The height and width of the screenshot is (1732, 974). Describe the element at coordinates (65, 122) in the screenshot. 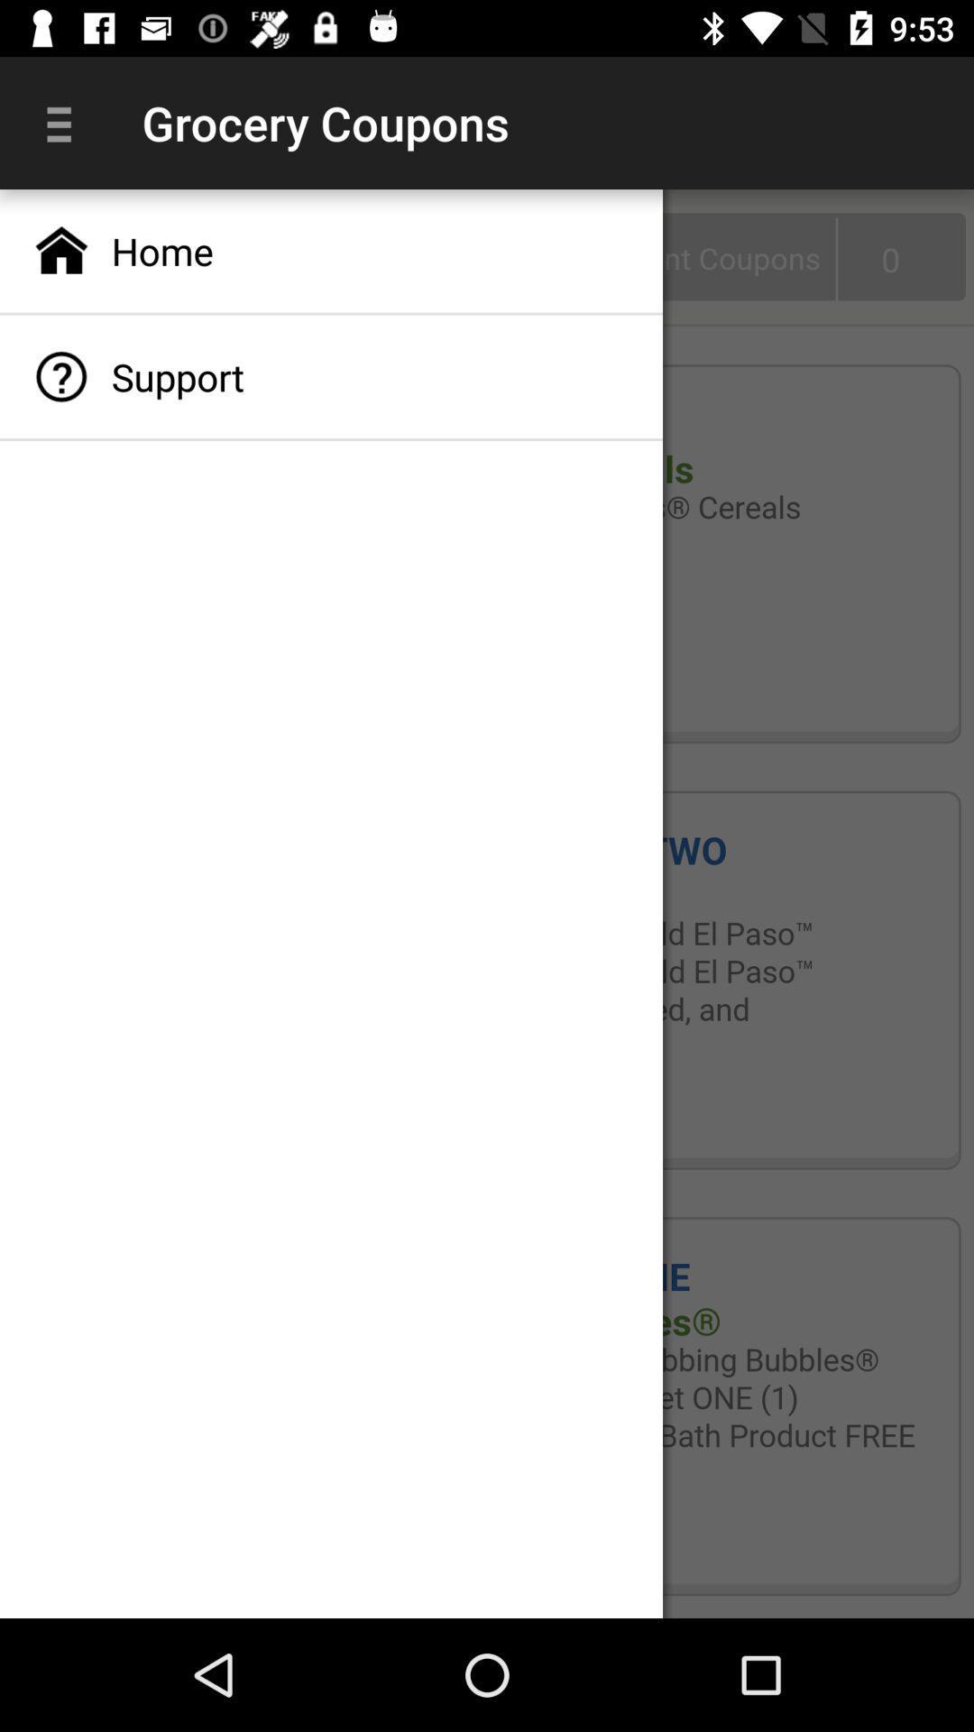

I see `the icon at the top left corner` at that location.